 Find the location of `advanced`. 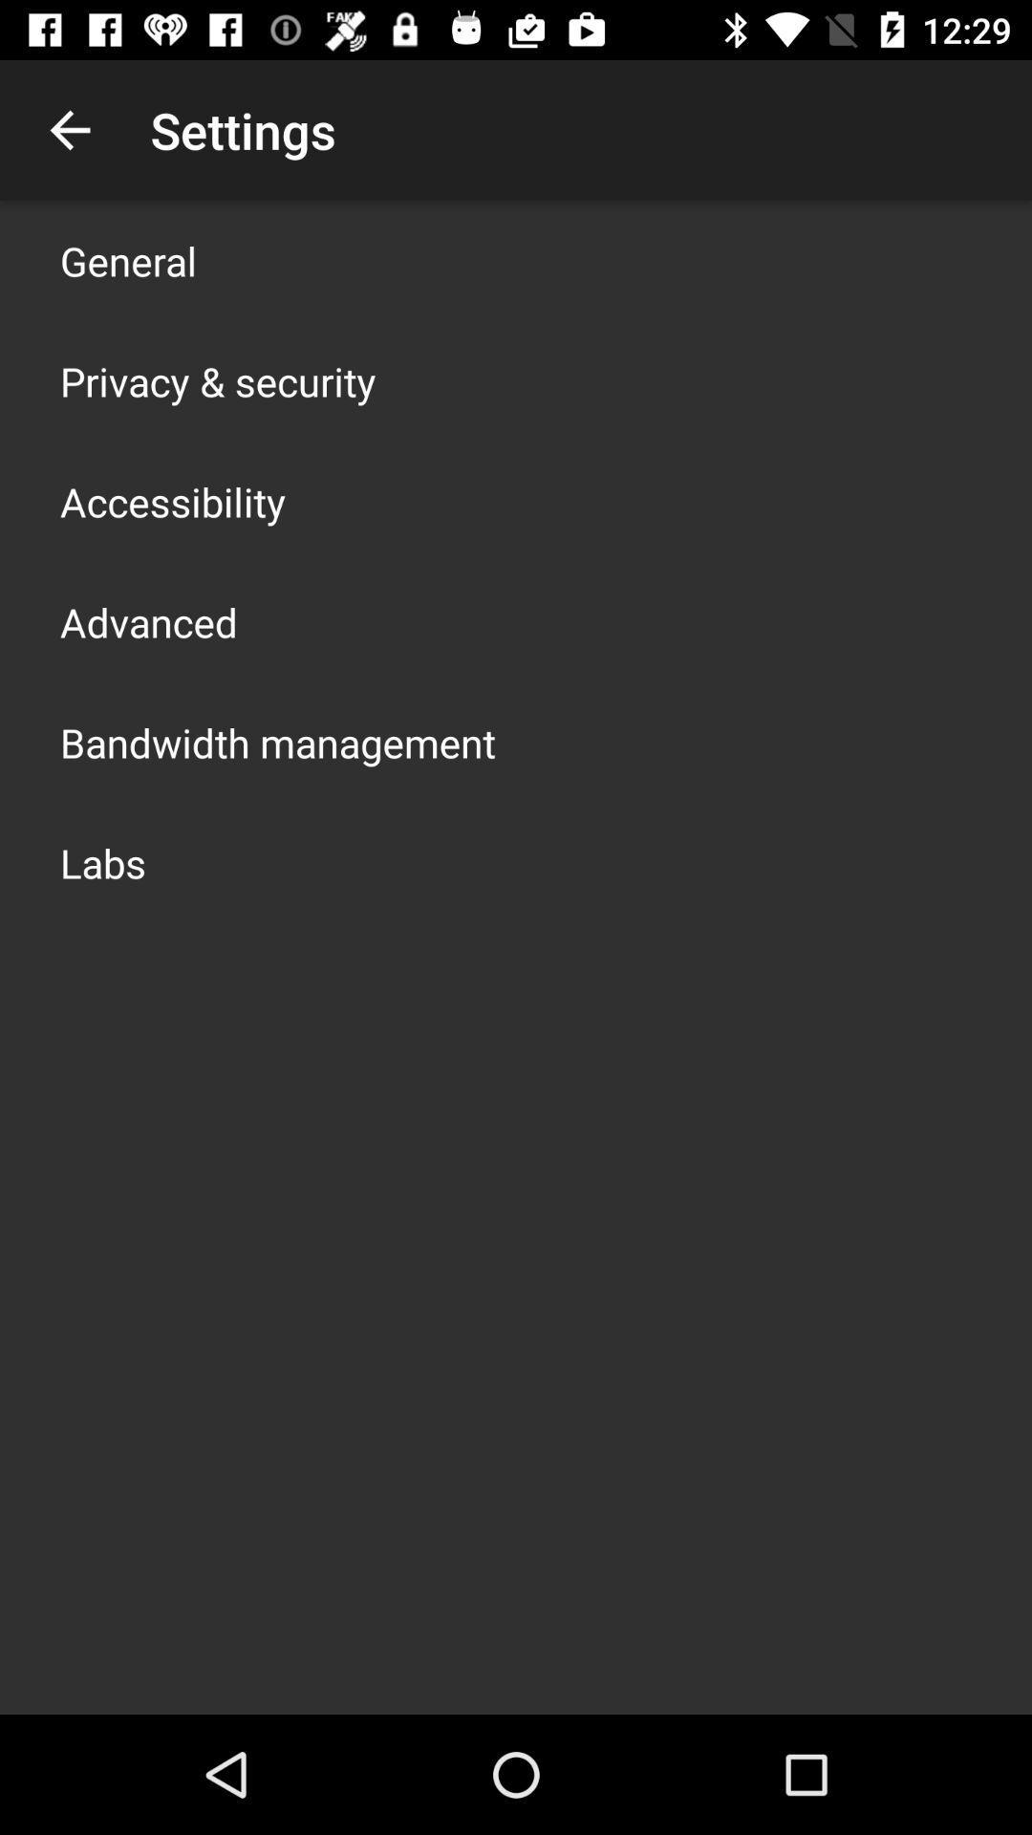

advanced is located at coordinates (147, 622).